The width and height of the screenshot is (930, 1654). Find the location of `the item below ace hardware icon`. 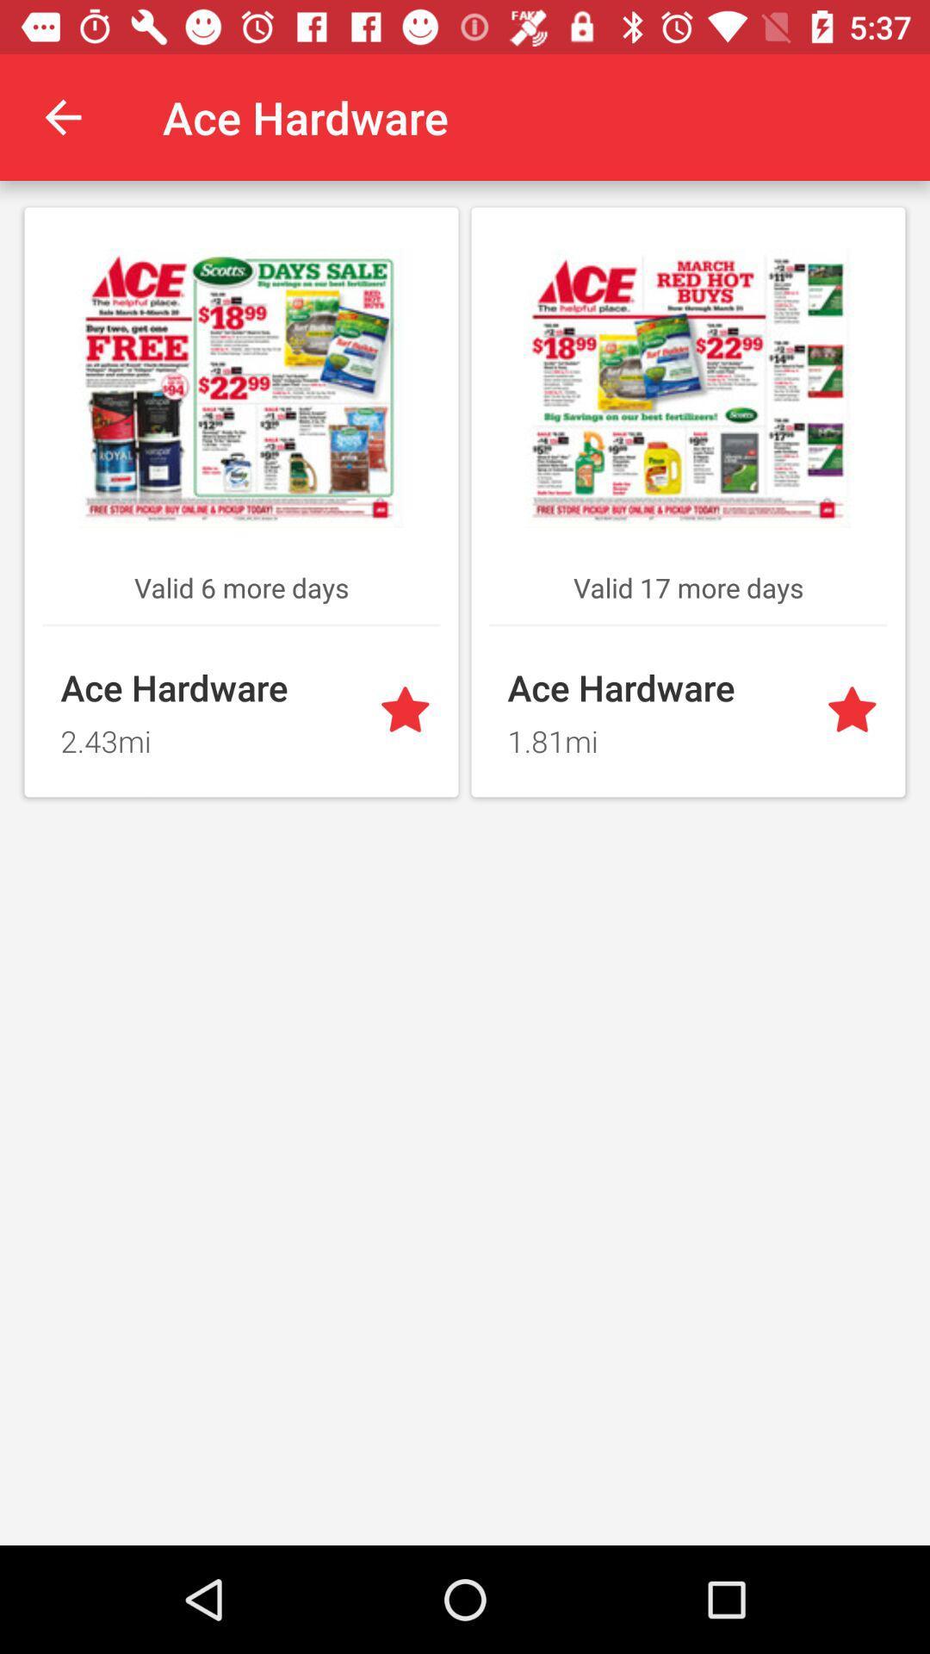

the item below ace hardware icon is located at coordinates (656, 736).